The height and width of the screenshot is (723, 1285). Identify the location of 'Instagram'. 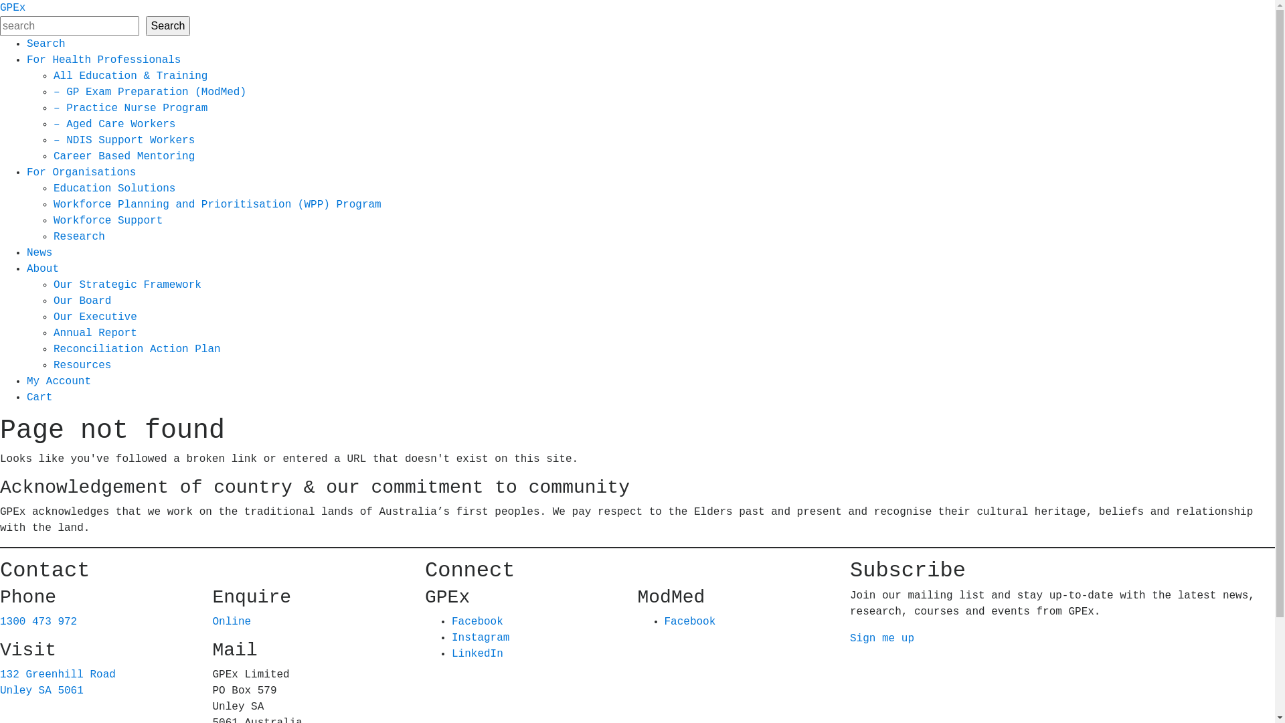
(452, 637).